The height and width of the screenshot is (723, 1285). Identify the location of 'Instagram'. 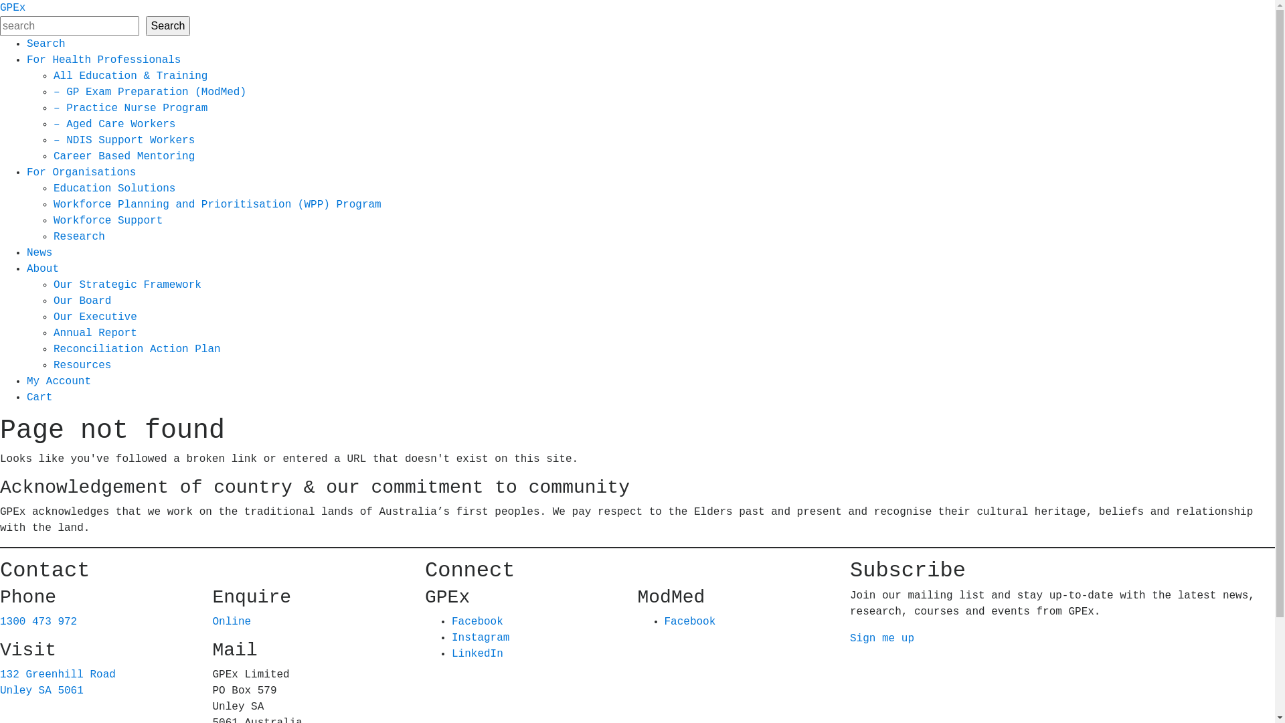
(452, 637).